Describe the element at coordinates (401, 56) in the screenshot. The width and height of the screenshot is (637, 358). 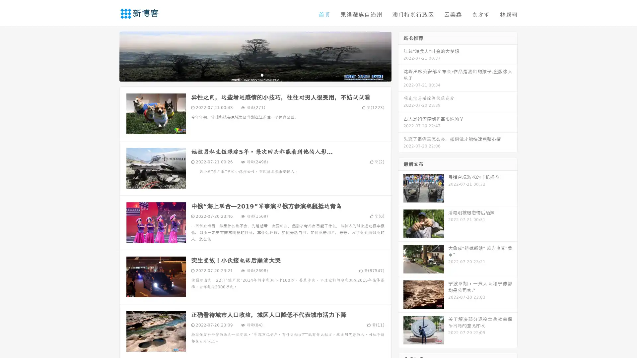
I see `Next slide` at that location.